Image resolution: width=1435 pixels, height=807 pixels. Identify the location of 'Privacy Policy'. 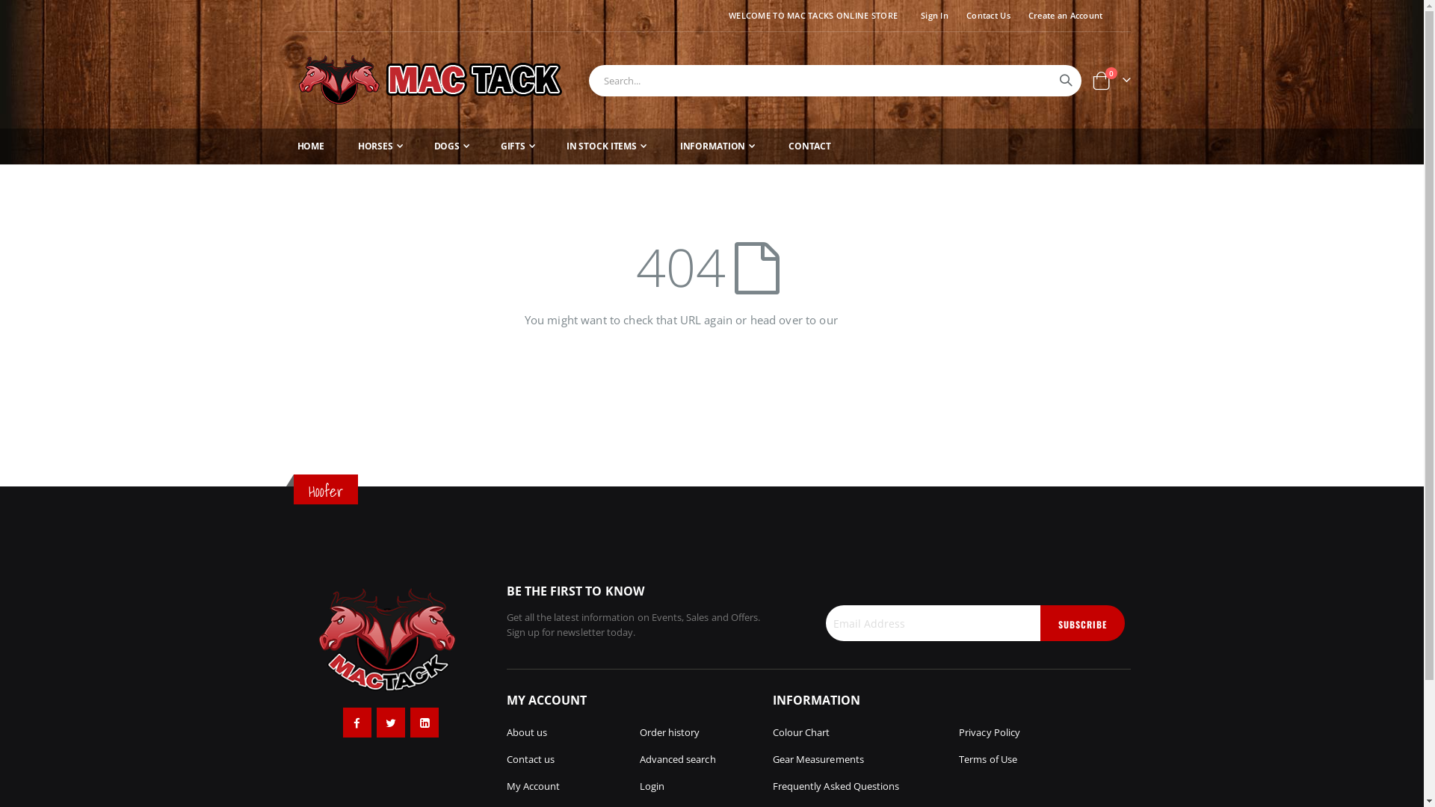
(990, 731).